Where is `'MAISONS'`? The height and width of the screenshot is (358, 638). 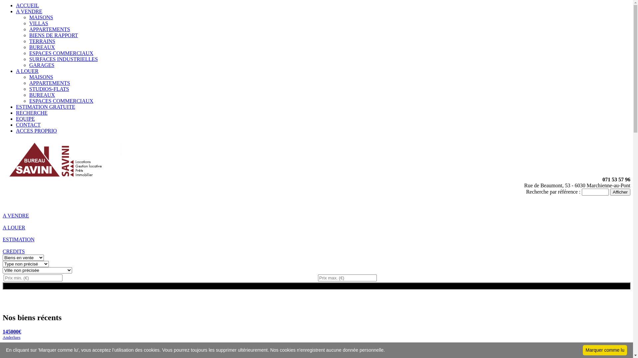
'MAISONS' is located at coordinates (41, 77).